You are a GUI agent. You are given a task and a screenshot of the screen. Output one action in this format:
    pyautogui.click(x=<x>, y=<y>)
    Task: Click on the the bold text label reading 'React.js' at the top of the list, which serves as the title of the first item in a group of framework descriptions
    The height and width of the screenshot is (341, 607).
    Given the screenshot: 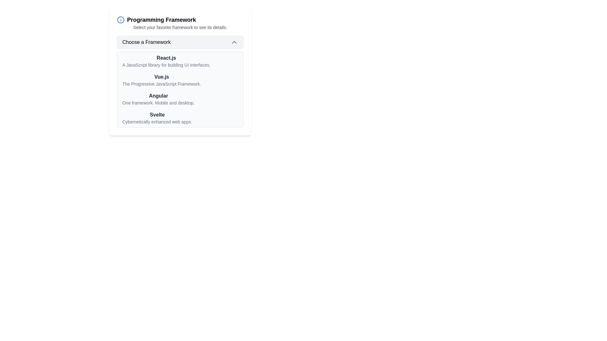 What is the action you would take?
    pyautogui.click(x=166, y=58)
    